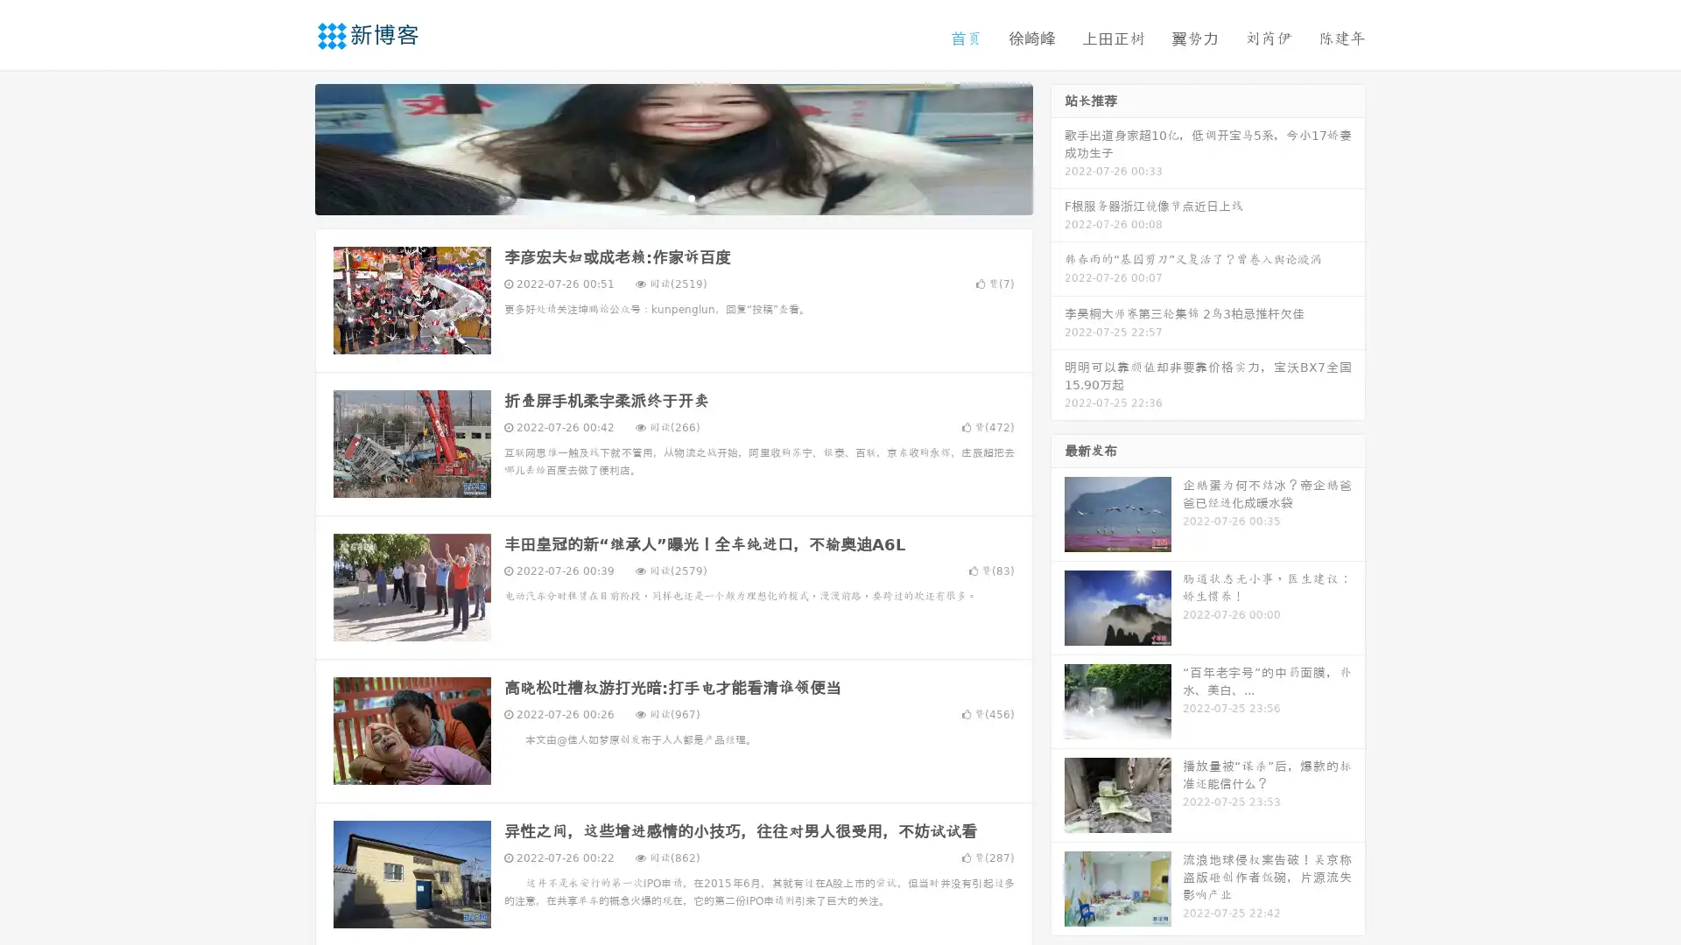 The image size is (1681, 945). What do you see at coordinates (655, 197) in the screenshot?
I see `Go to slide 1` at bounding box center [655, 197].